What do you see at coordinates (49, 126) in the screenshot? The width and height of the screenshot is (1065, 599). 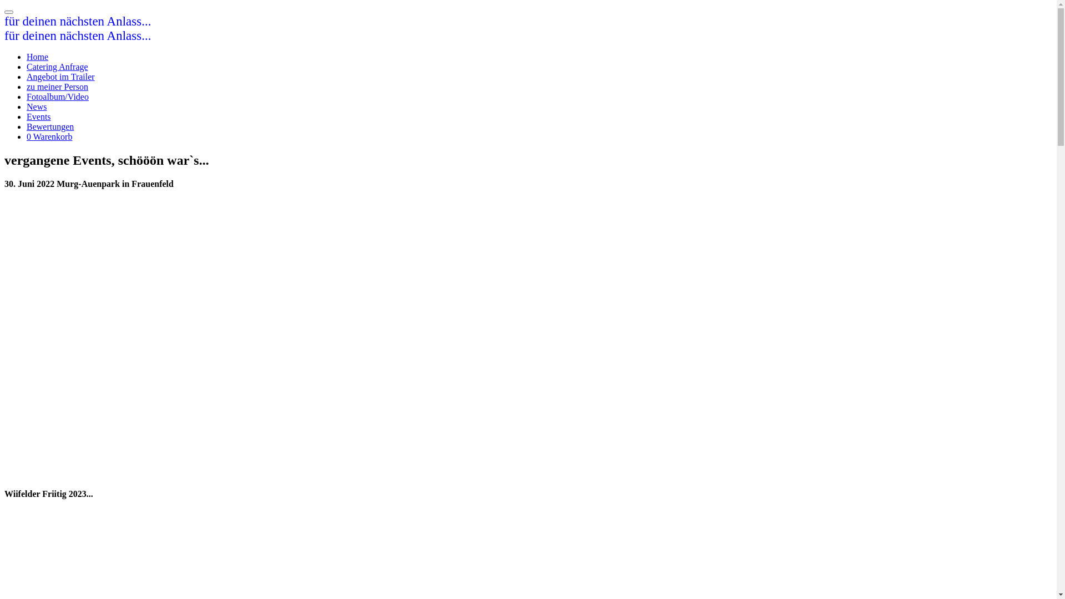 I see `'Bewertungen'` at bounding box center [49, 126].